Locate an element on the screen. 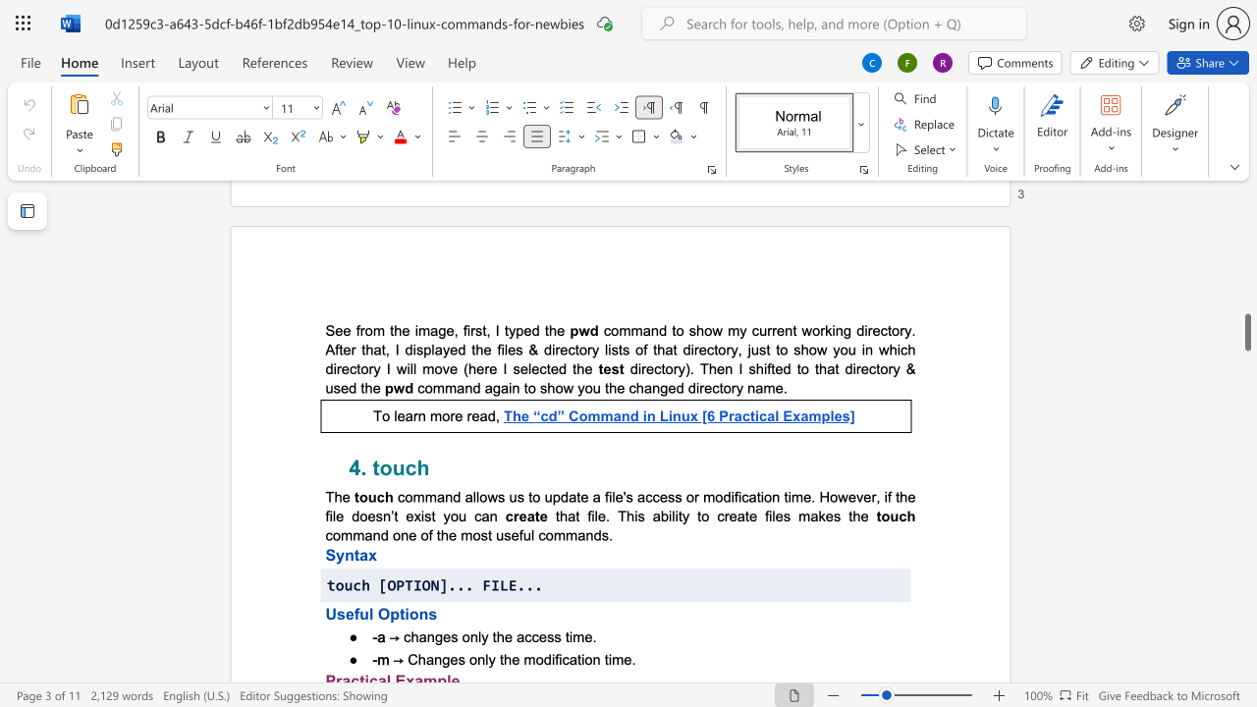 This screenshot has height=707, width=1257. the scrollbar to move the page upward is located at coordinates (1246, 253).